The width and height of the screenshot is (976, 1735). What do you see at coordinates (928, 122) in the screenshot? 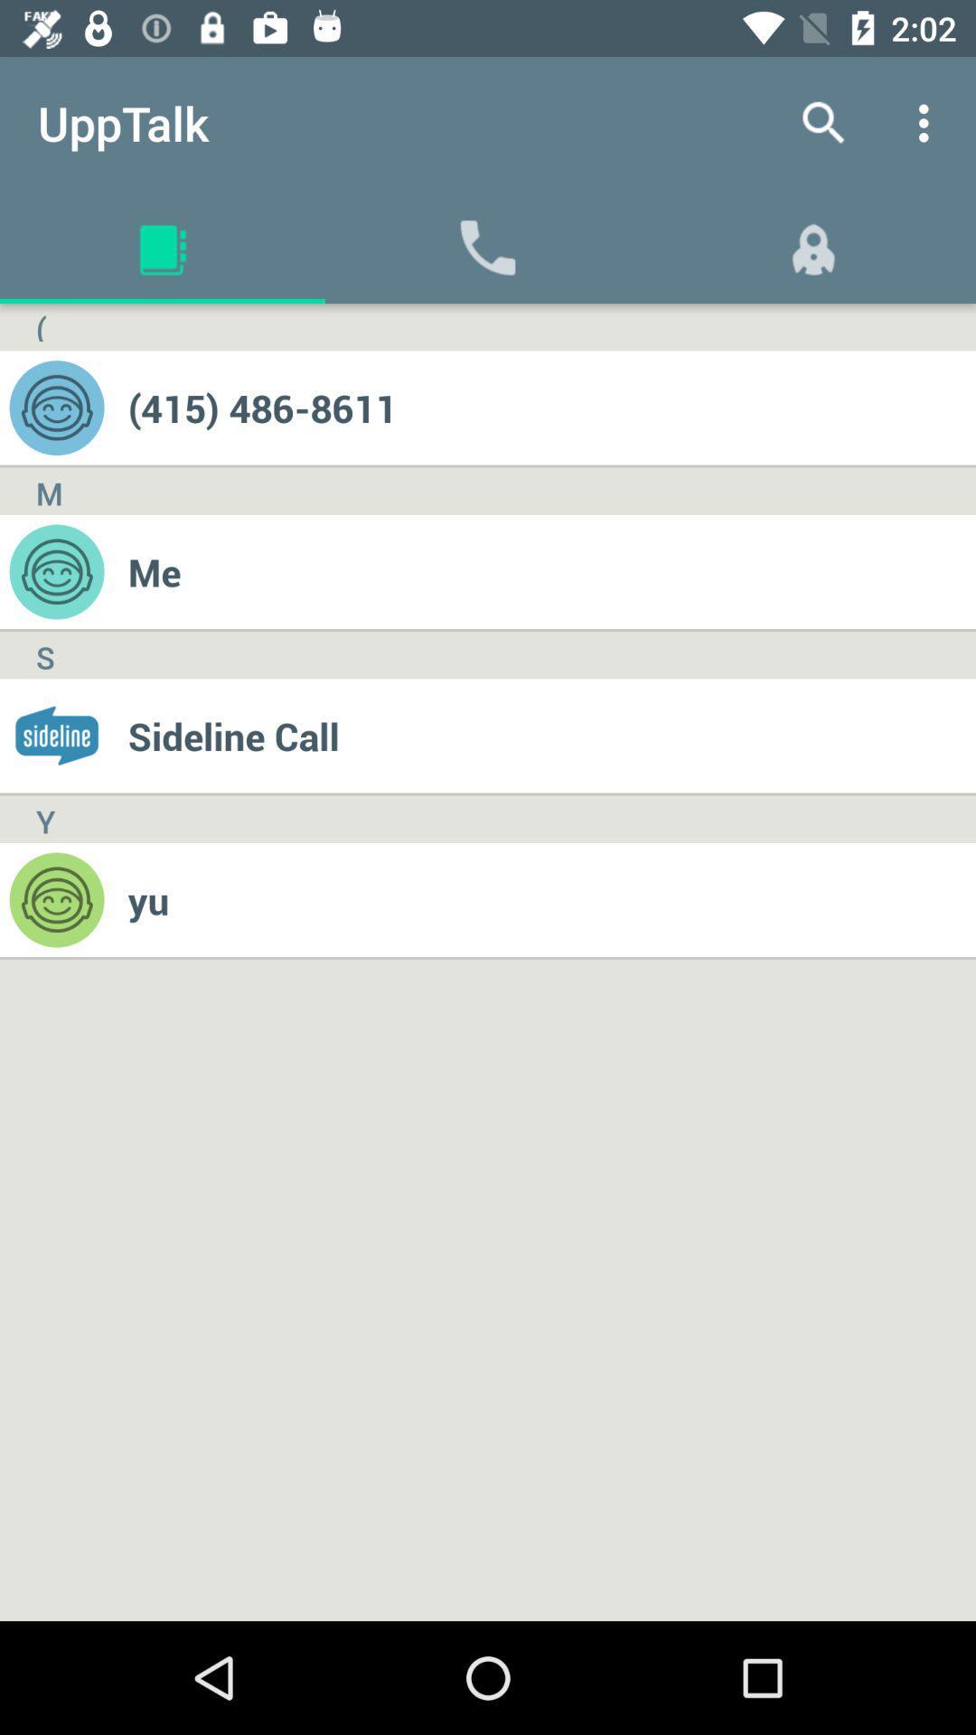
I see `the icon above the (415) 486-8611` at bounding box center [928, 122].